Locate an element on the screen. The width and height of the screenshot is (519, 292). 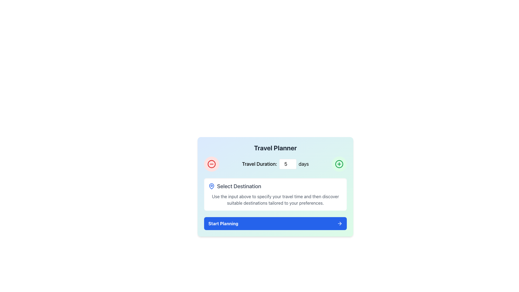
the small triangular icon resembling an arrow pointing right, located at the end of the 'Start Planning' button is located at coordinates (340, 223).